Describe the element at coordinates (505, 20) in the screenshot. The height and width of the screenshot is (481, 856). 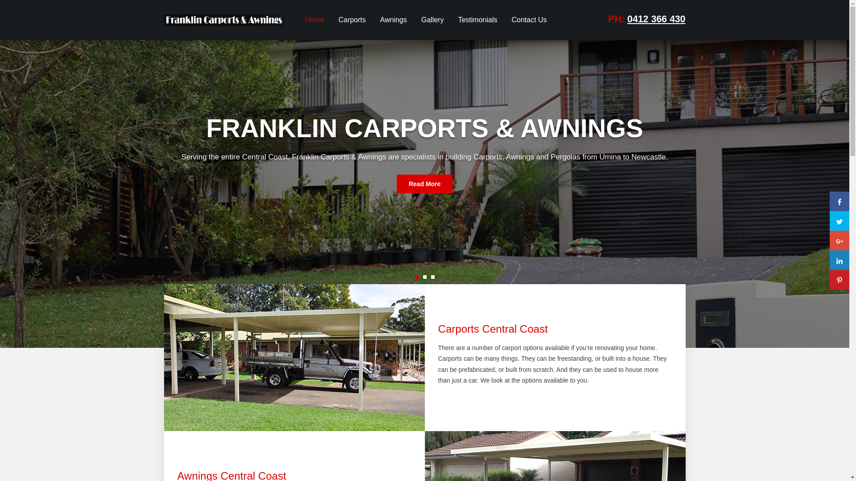
I see `'Contact Us'` at that location.